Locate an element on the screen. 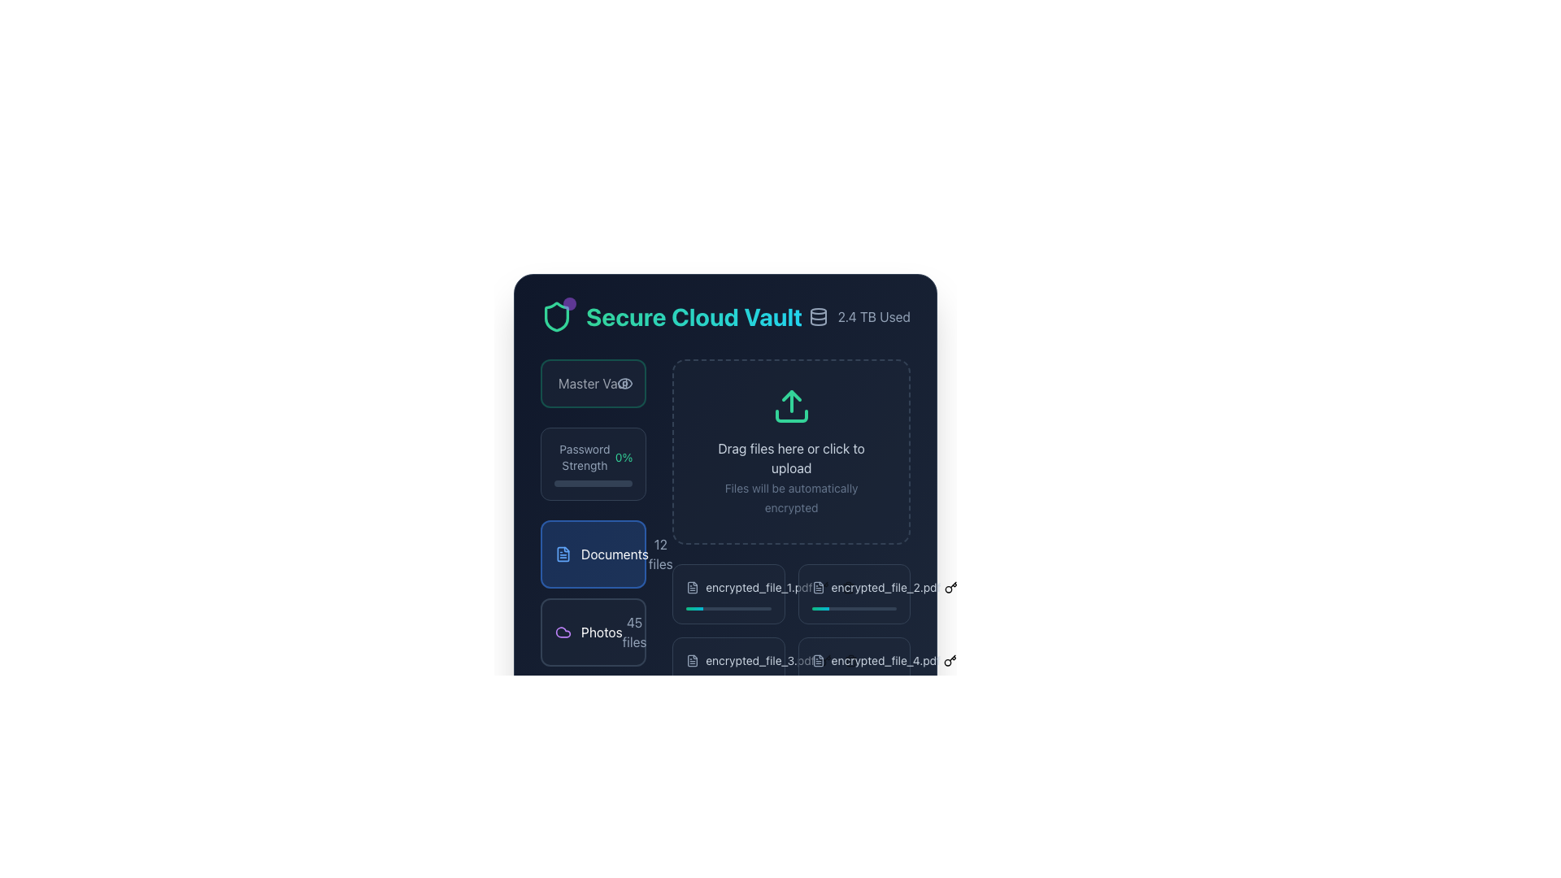 Image resolution: width=1561 pixels, height=878 pixels. the File upload area in the 'Secure Cloud Vault' interface is located at coordinates (724, 464).